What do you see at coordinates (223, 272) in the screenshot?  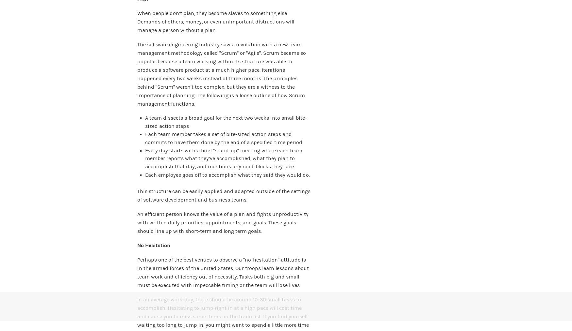 I see `'Perhaps one of the best venues to observe a “no-hesitation” attitude is in the armed forces of the United States. Our troops learn lessons about team work and efficiency out of necessity. Tasks both big and small must be executed with impeccable timing or the team will lose lives.'` at bounding box center [223, 272].